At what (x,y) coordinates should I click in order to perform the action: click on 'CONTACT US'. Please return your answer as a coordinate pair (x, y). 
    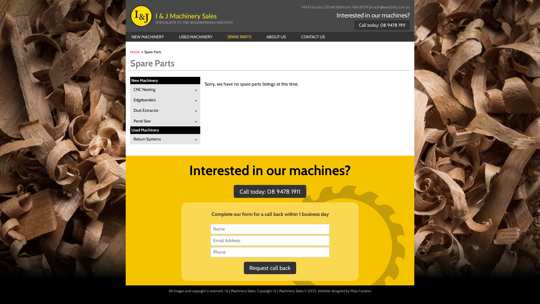
    Looking at the image, I should click on (312, 37).